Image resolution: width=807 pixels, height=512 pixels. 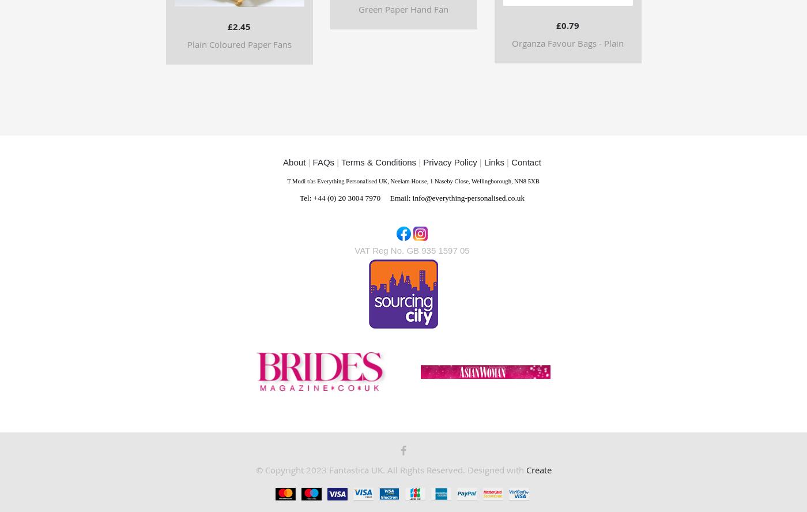 I want to click on '© Copyright 2023 Fantastica UK. All Rights Reserved.', so click(x=361, y=470).